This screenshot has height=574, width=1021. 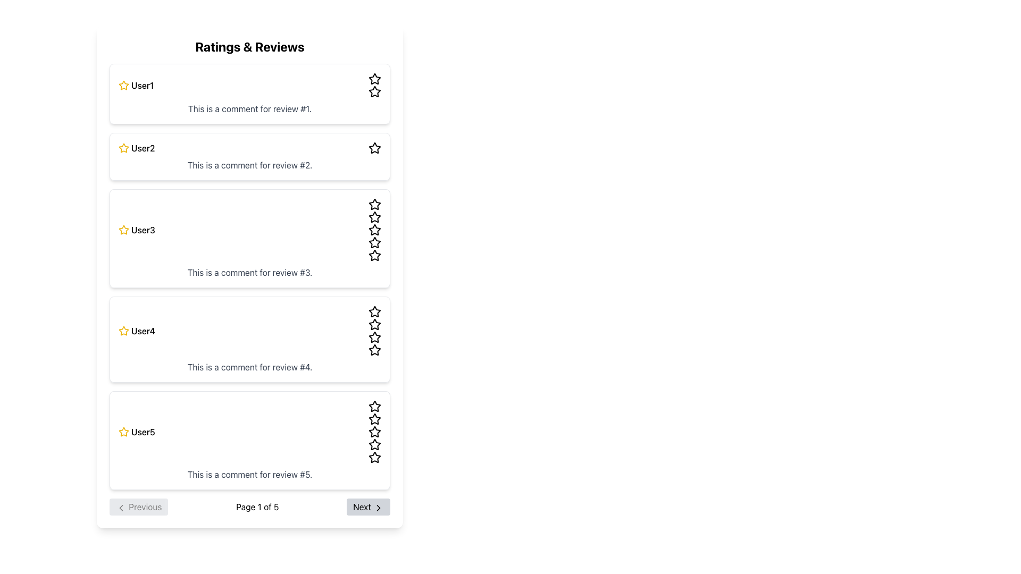 I want to click on the 'Next' button located at the bottom-right section of the pagination controls, which features a right-facing arrow icon for navigating to the next page of the review list, so click(x=378, y=507).